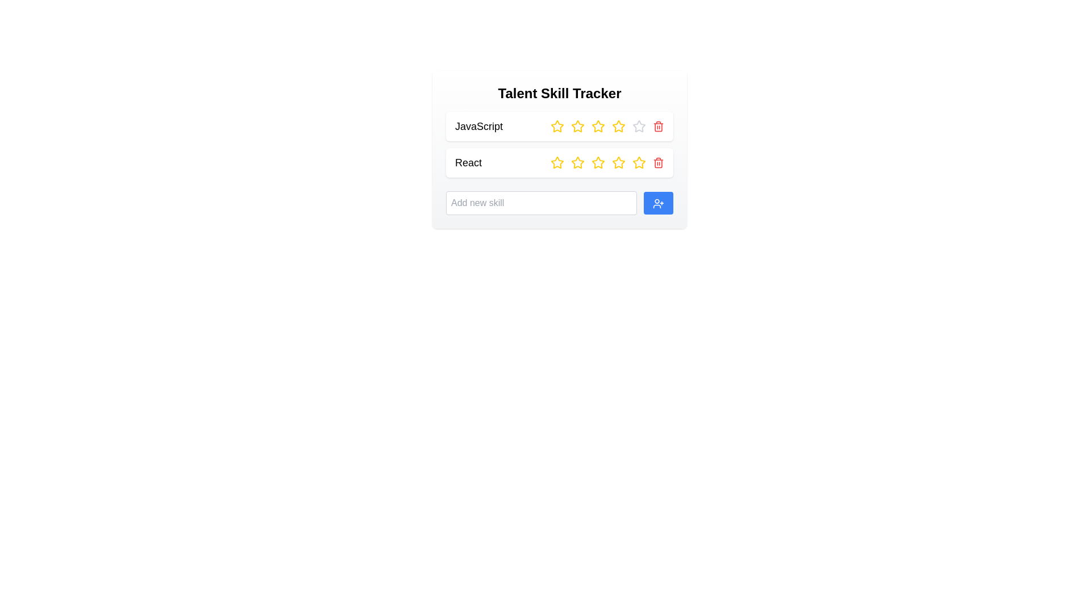  What do you see at coordinates (639, 127) in the screenshot?
I see `the sixth star-shaped icon representing the rating option for the 'JavaScript' skill` at bounding box center [639, 127].